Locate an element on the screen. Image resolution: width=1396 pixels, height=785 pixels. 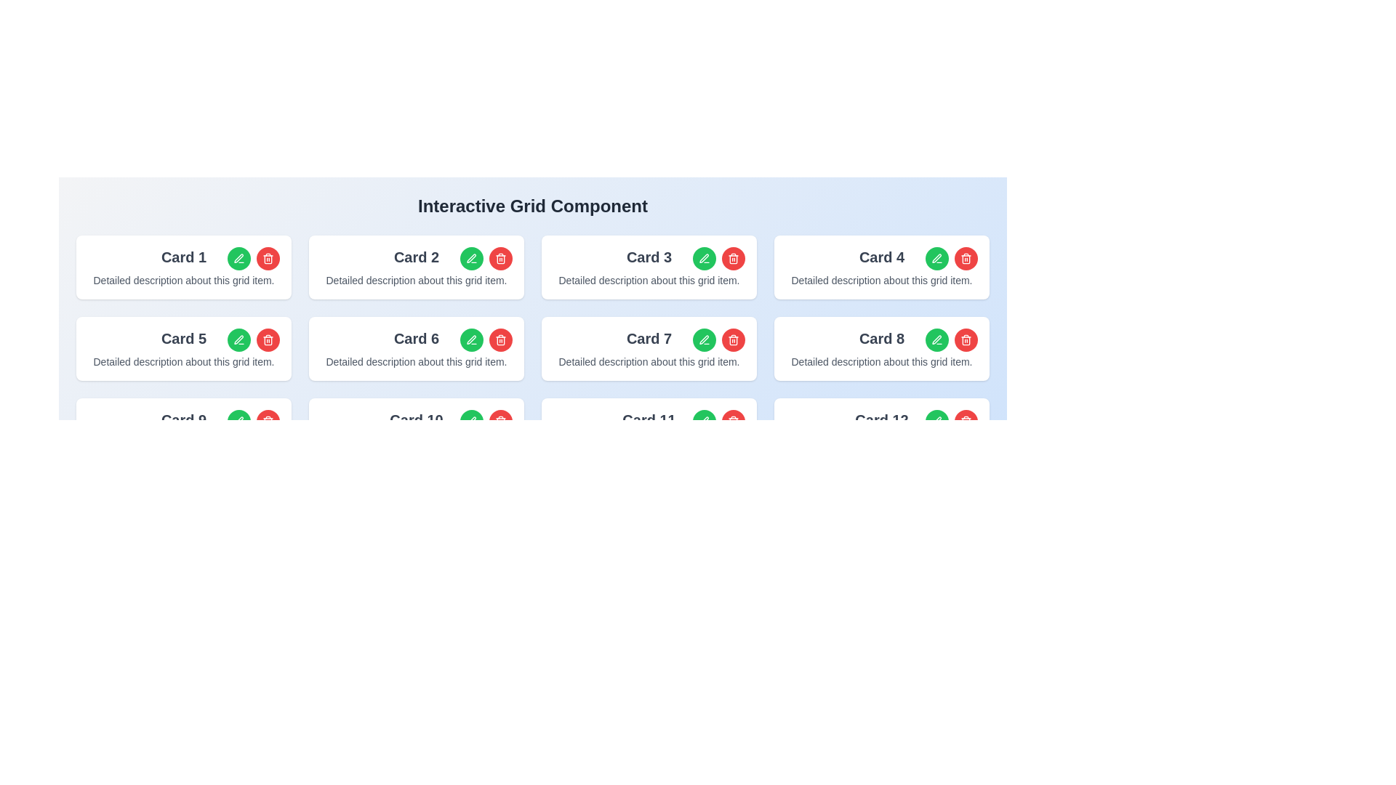
the edit button located is located at coordinates (238, 421).